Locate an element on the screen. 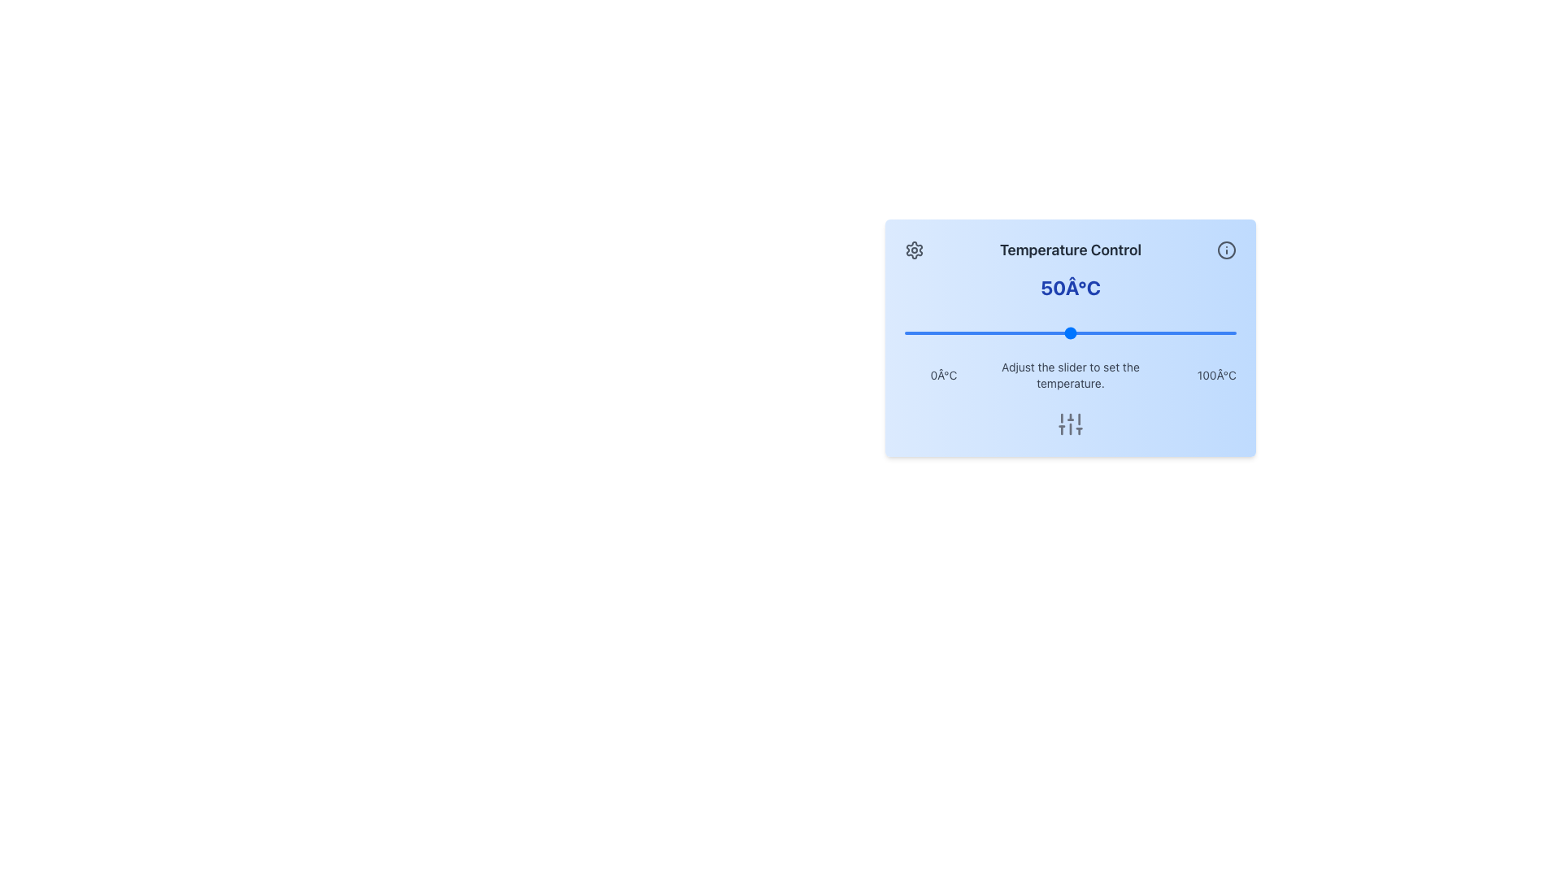 This screenshot has height=878, width=1561. temperature is located at coordinates (1129, 332).